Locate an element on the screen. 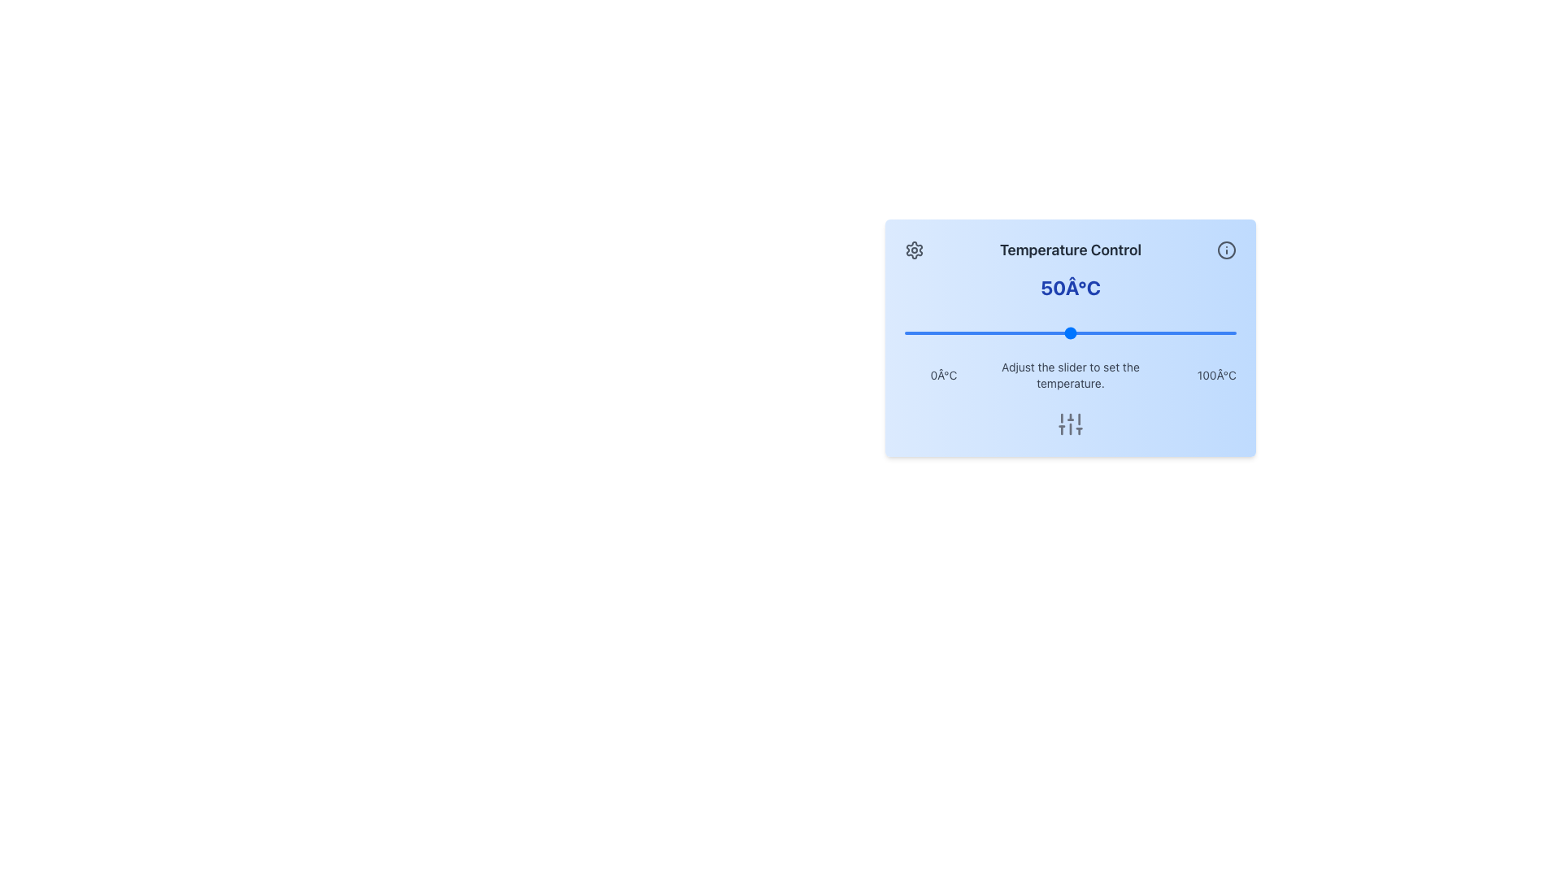 This screenshot has height=878, width=1561. temperature is located at coordinates (1129, 332).